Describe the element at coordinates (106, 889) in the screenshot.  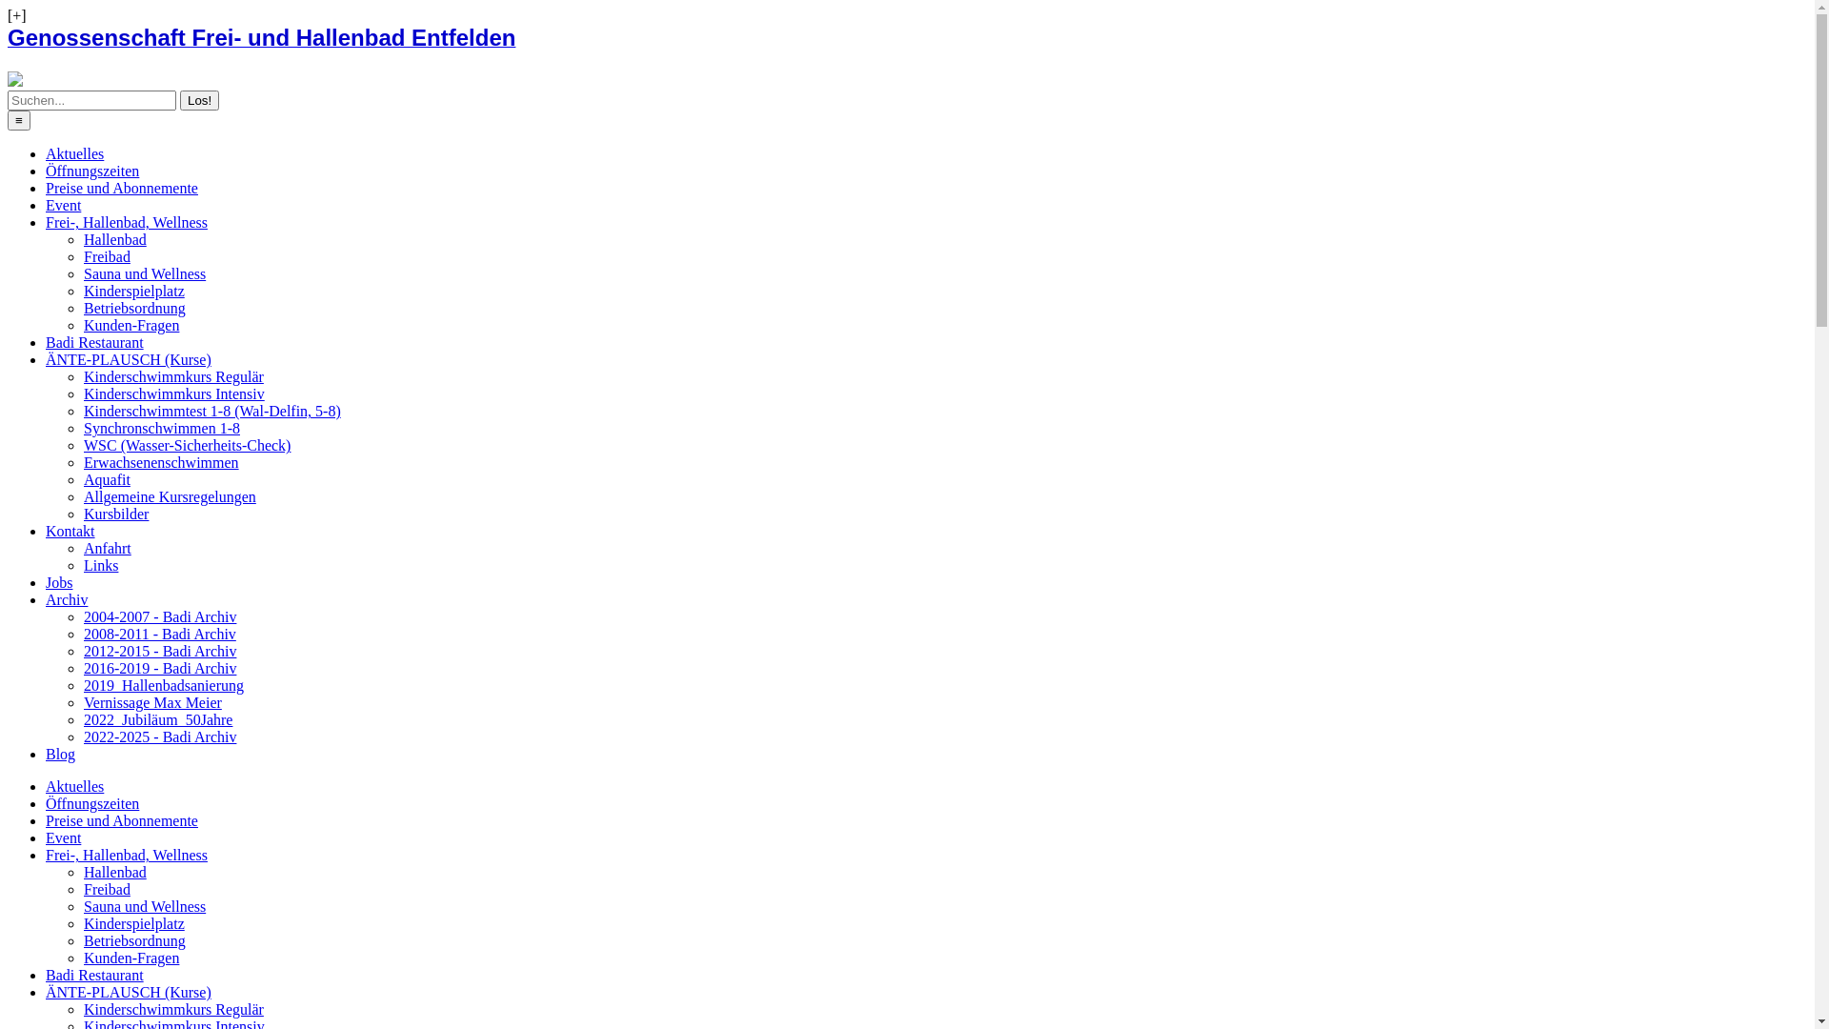
I see `'Freibad'` at that location.